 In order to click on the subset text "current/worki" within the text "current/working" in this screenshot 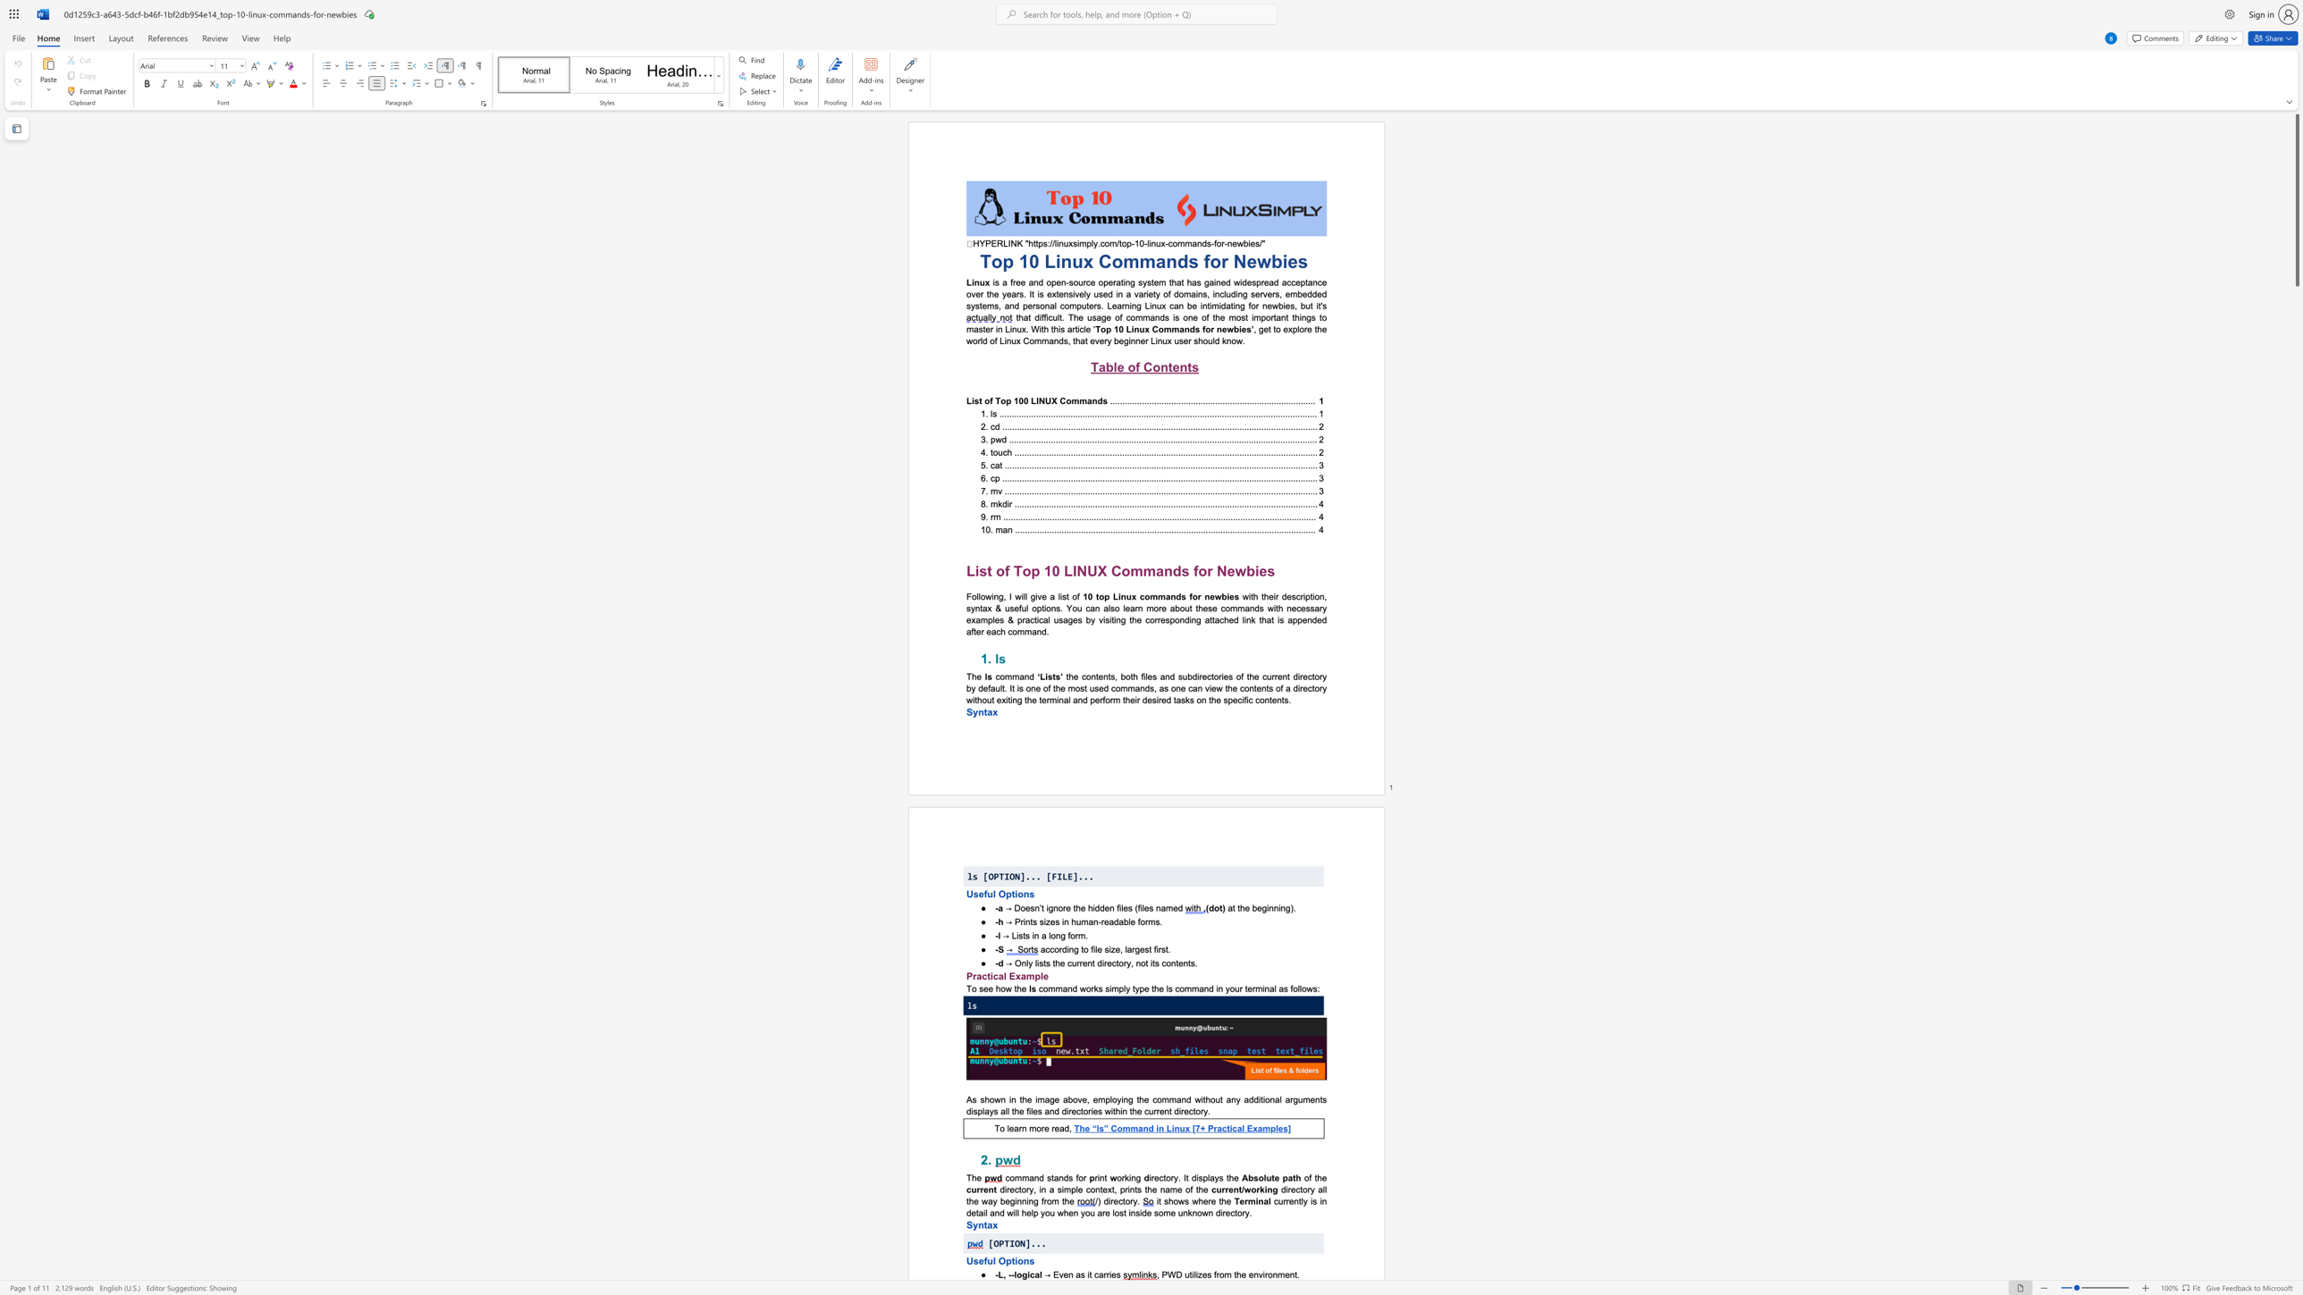, I will do `click(1211, 1189)`.